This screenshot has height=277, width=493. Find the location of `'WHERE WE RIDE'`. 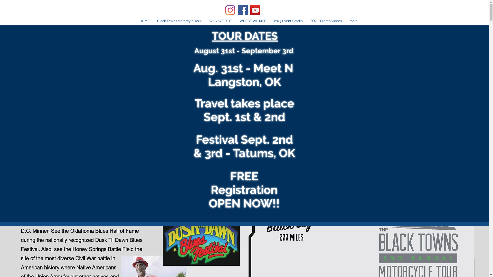

'WHERE WE RIDE' is located at coordinates (253, 21).